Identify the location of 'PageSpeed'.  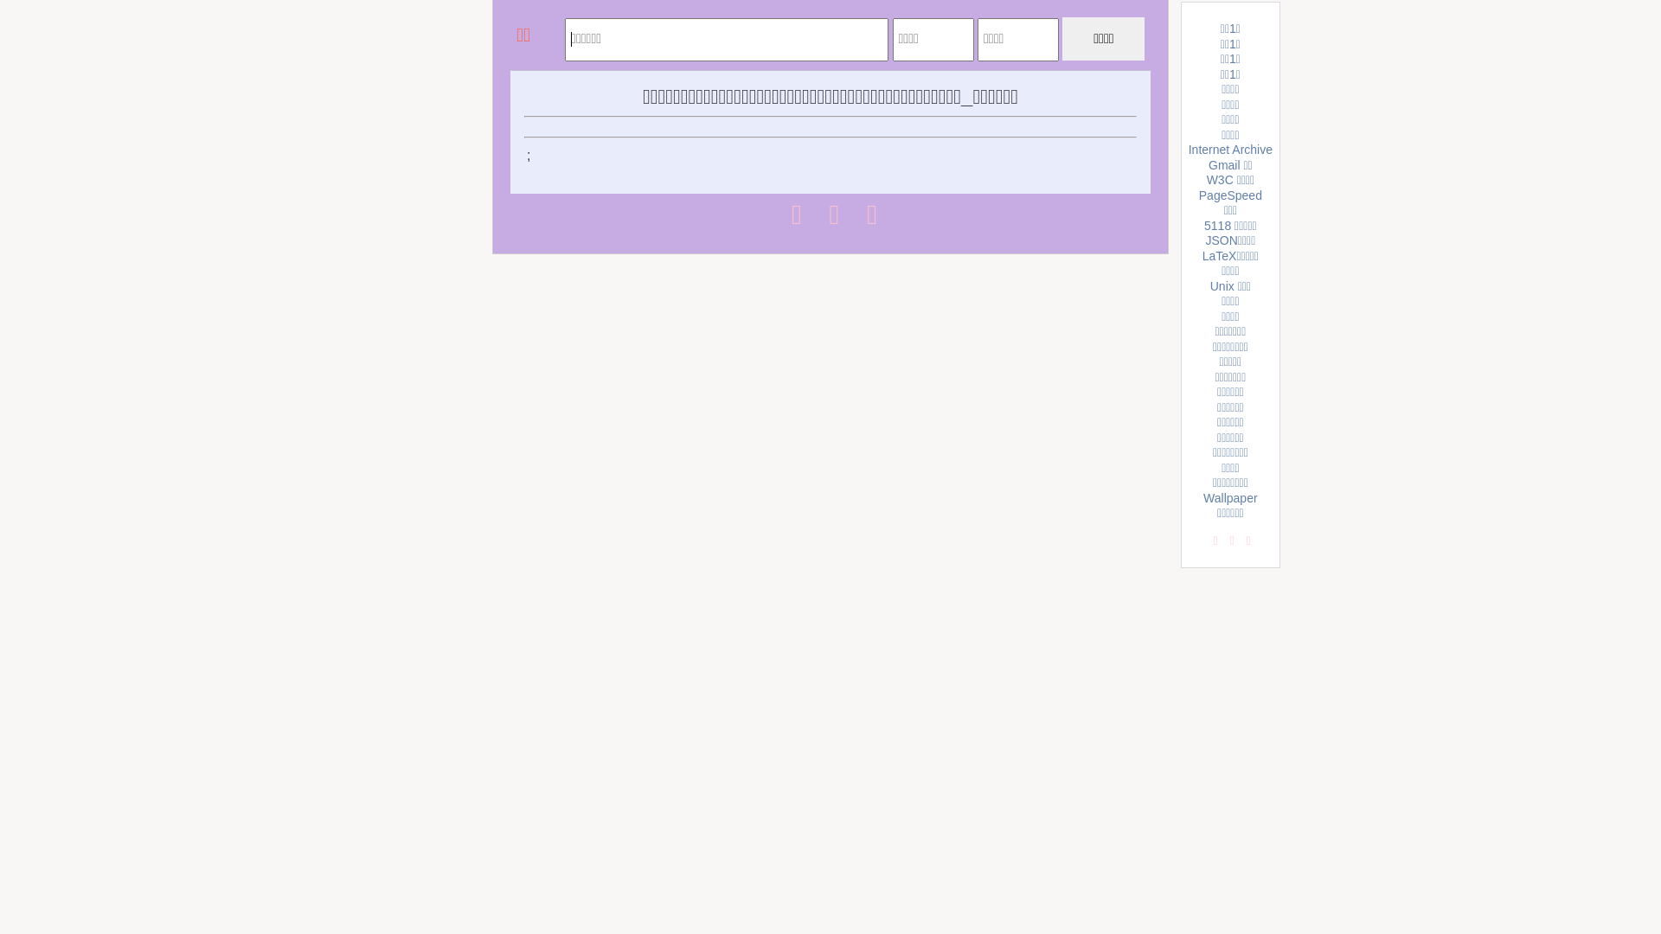
(1229, 195).